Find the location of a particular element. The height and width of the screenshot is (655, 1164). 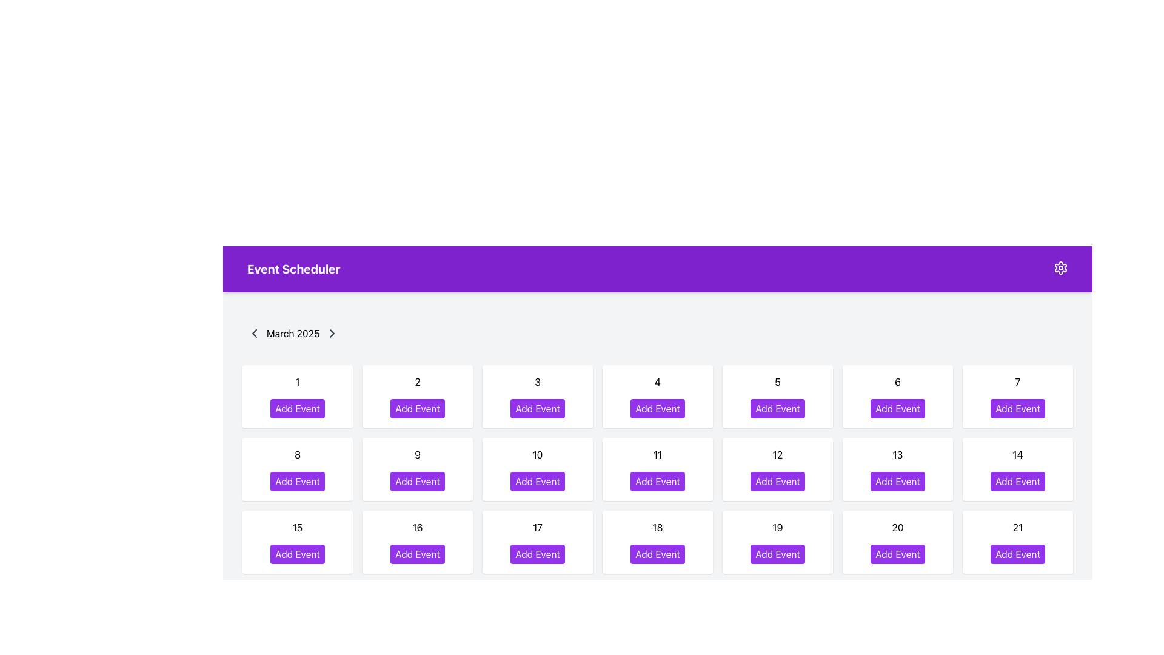

the 'Add Event' button on the first card in the grid layout to schedule an event is located at coordinates (297, 397).